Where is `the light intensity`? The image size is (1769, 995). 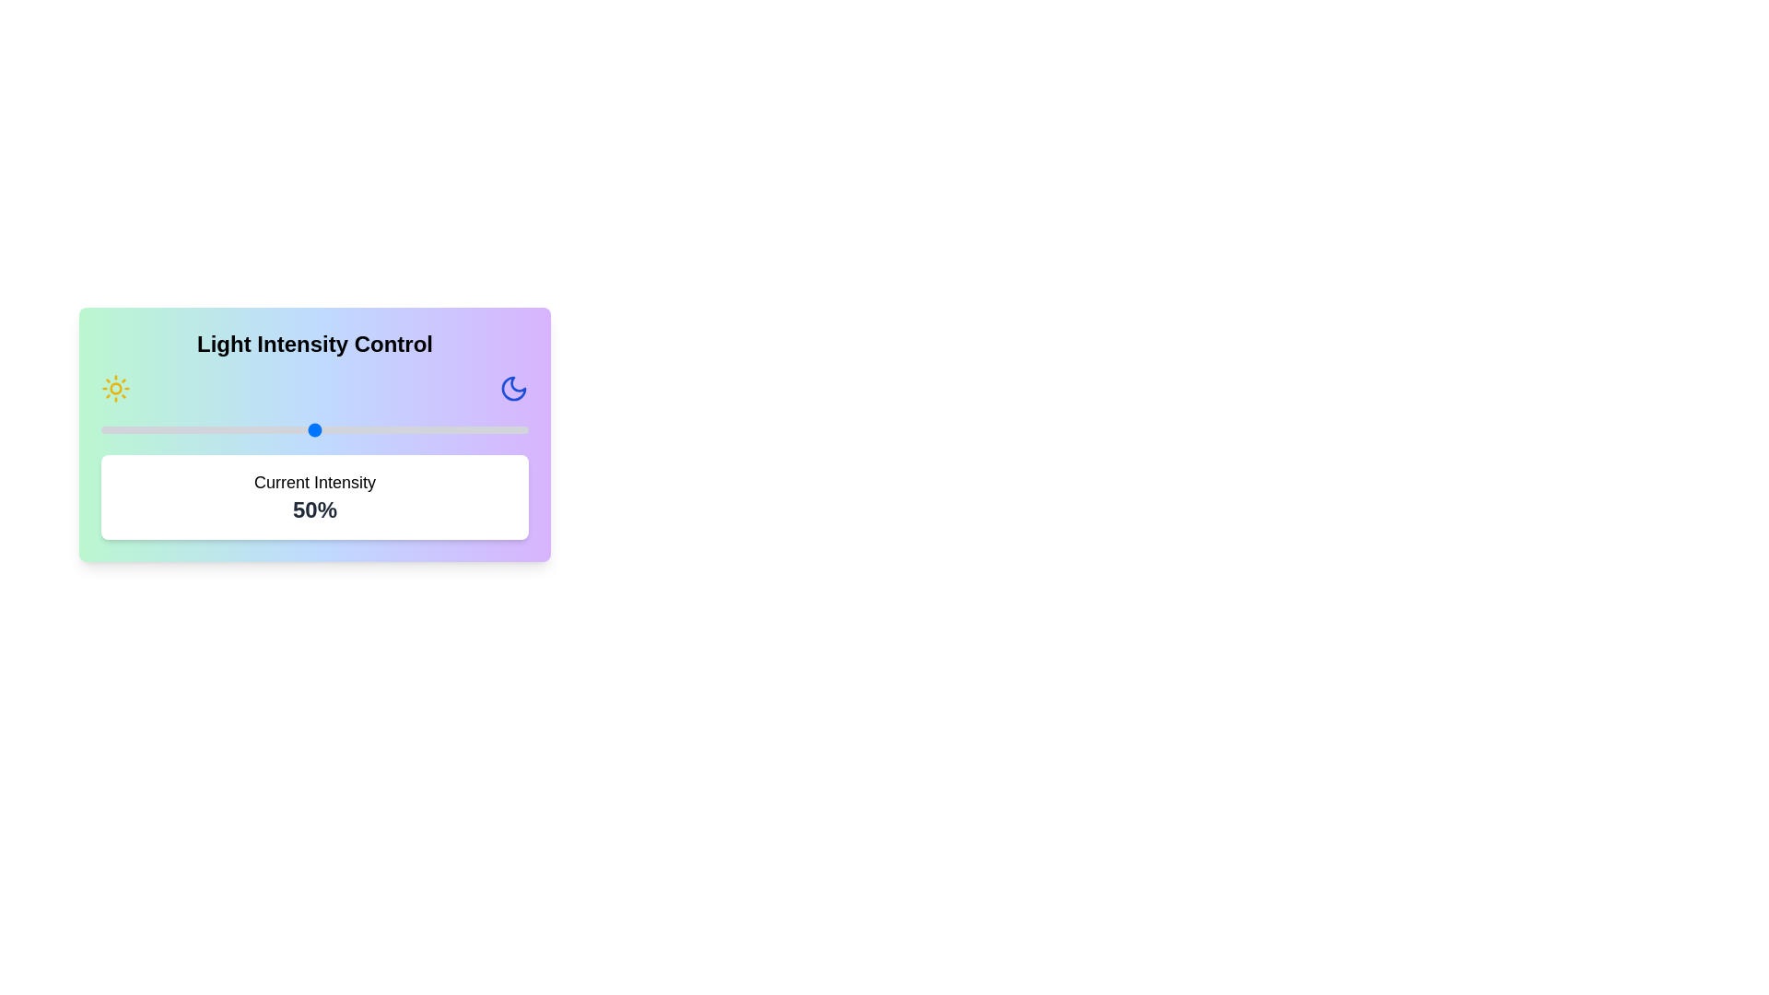 the light intensity is located at coordinates (404, 429).